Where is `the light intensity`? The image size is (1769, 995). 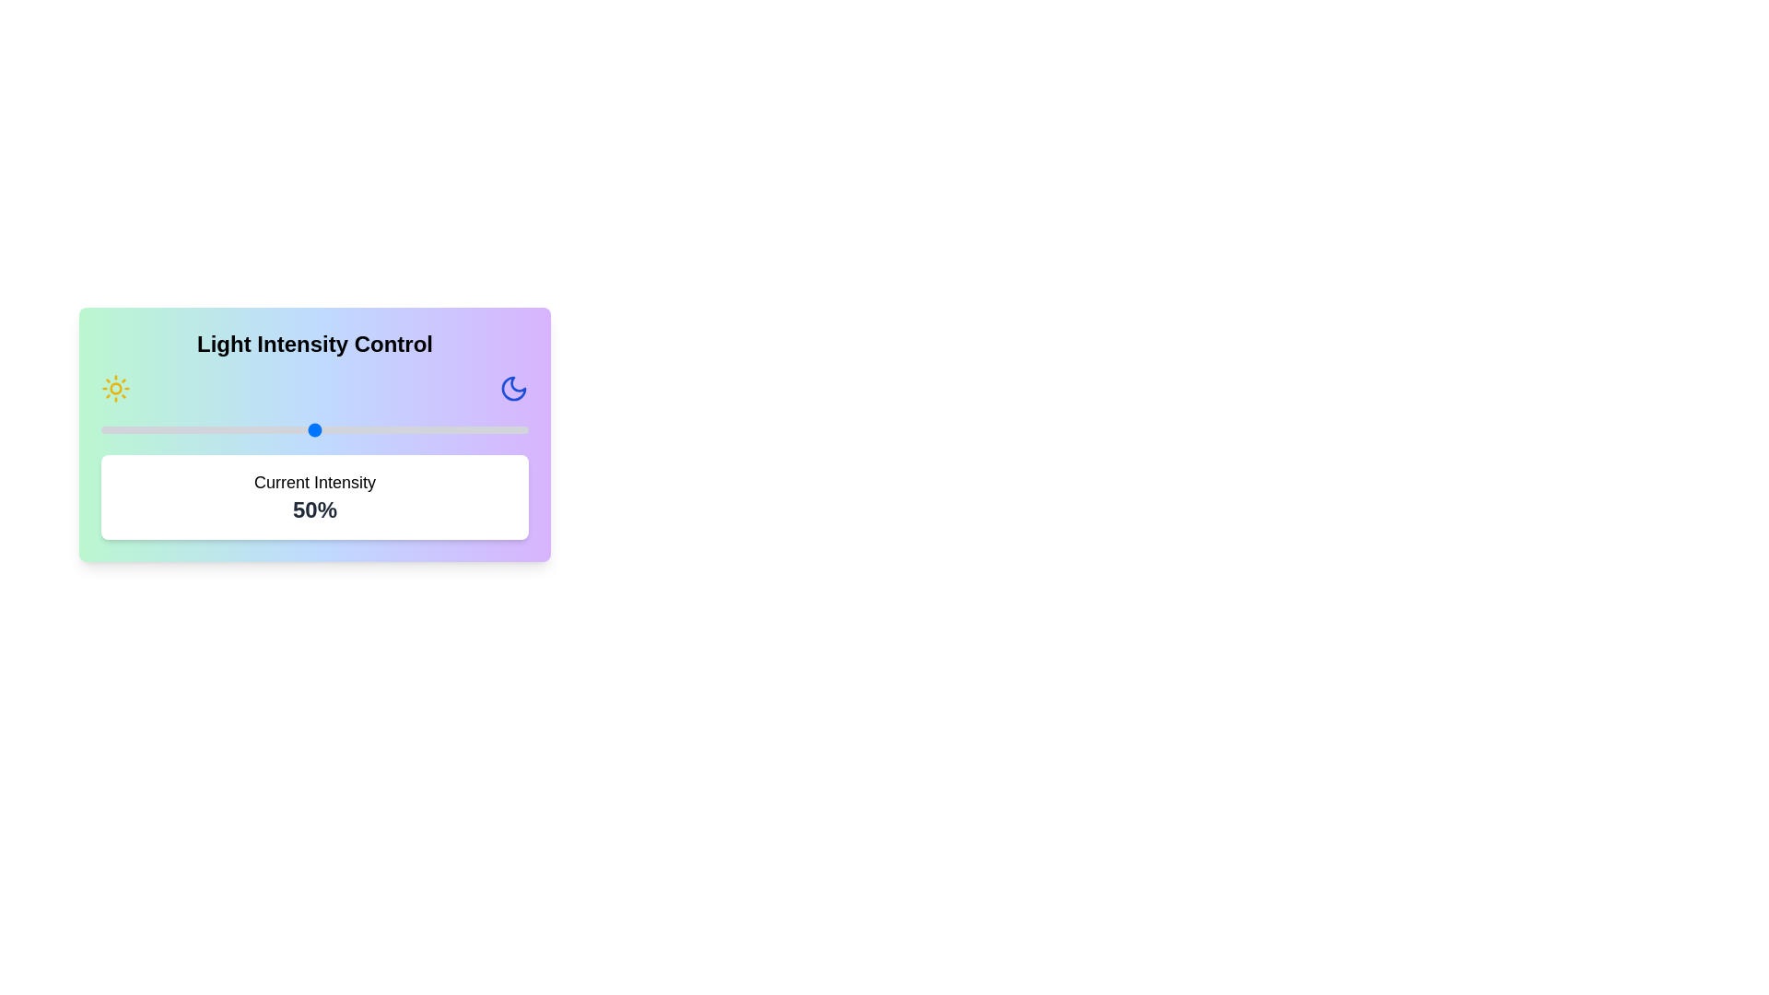 the light intensity is located at coordinates (404, 429).